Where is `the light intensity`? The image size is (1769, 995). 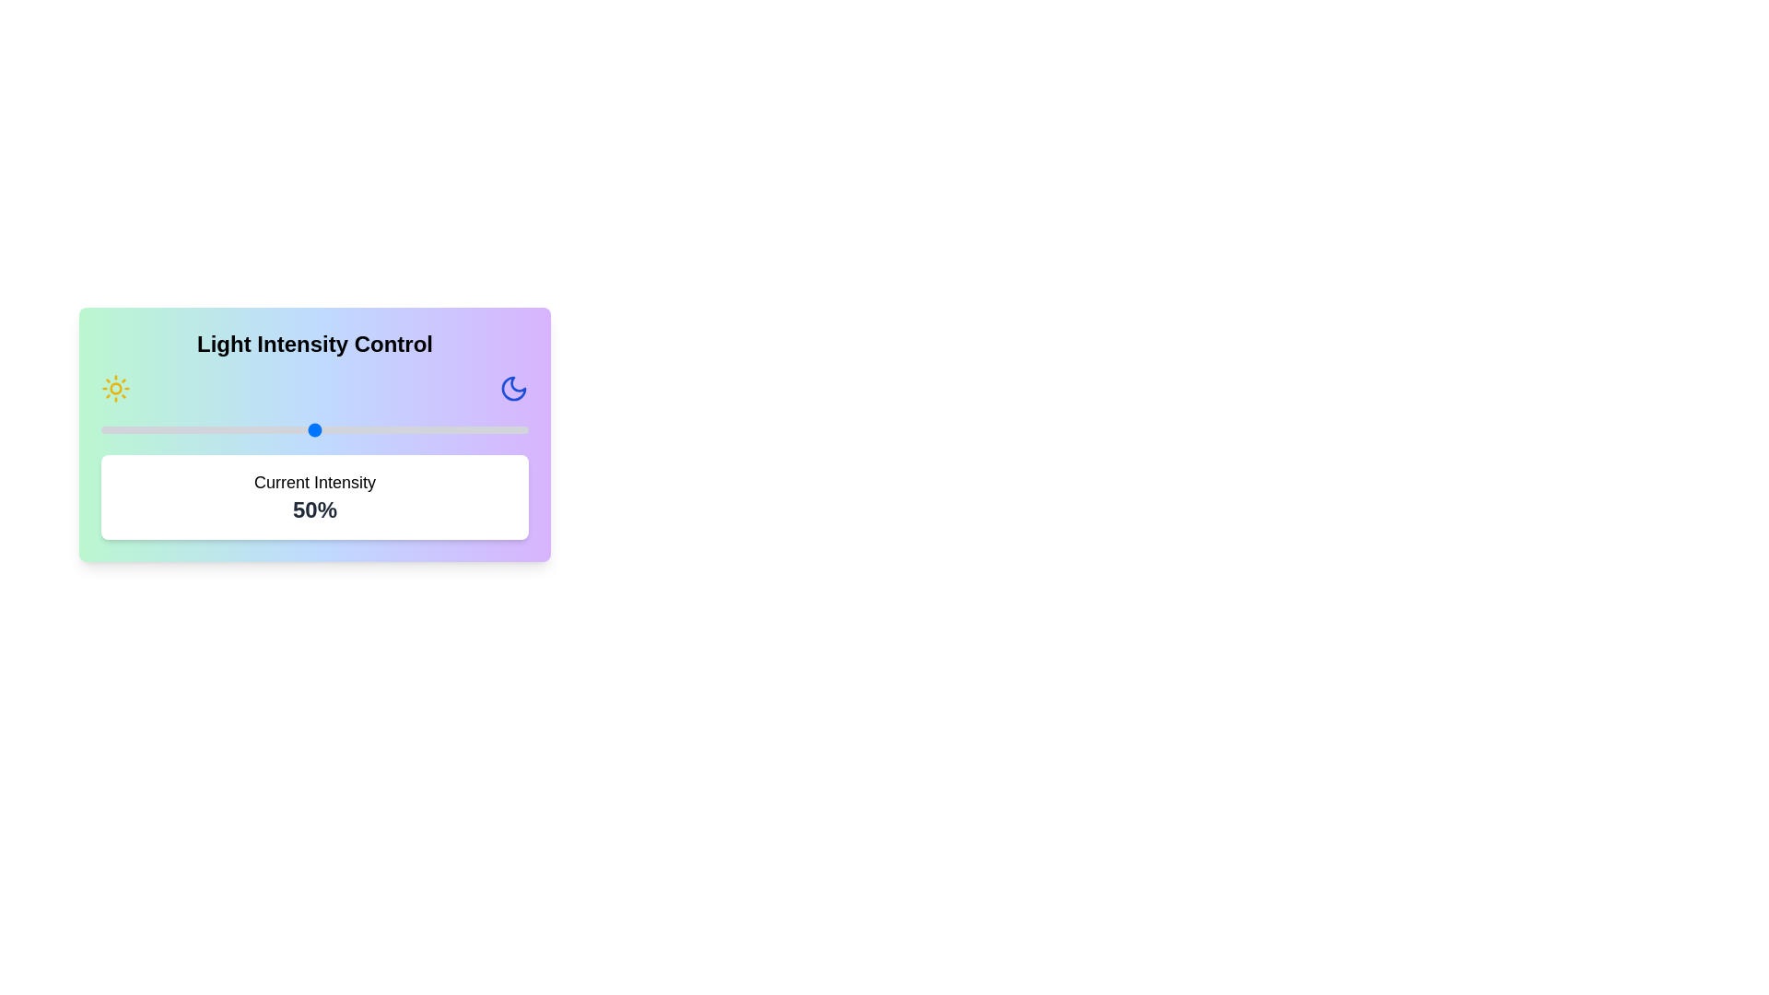 the light intensity is located at coordinates (404, 429).